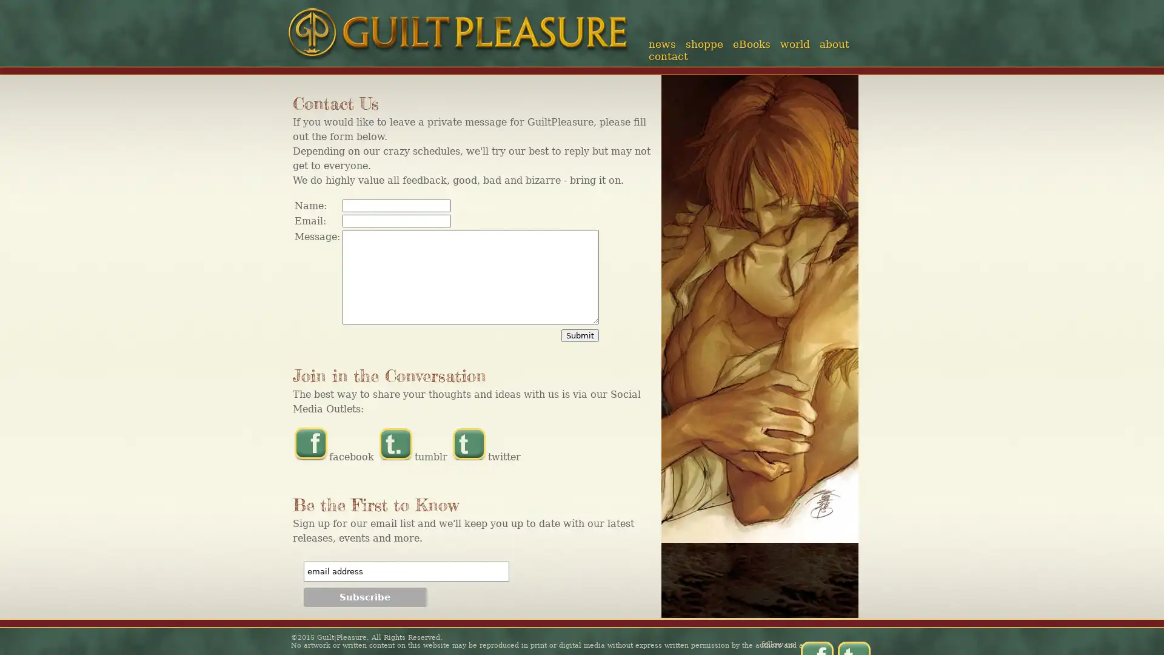 Image resolution: width=1164 pixels, height=655 pixels. Describe the element at coordinates (364, 596) in the screenshot. I see `Subscribe` at that location.